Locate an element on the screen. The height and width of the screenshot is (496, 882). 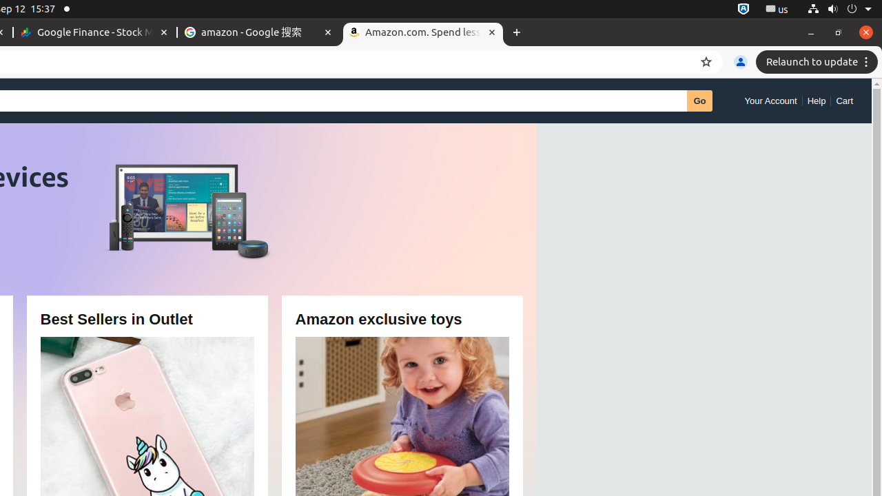
'Go' is located at coordinates (699, 100).